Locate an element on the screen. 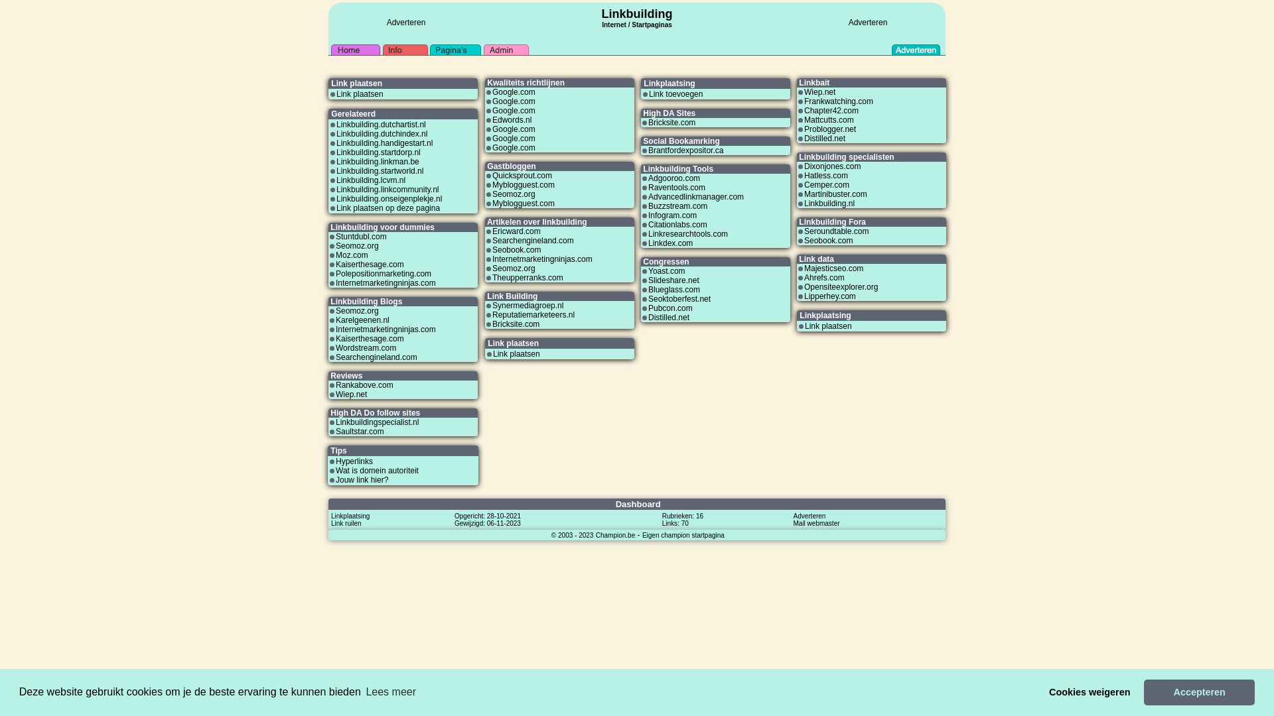 The width and height of the screenshot is (1274, 716). 'Edwords.nl' is located at coordinates (492, 120).